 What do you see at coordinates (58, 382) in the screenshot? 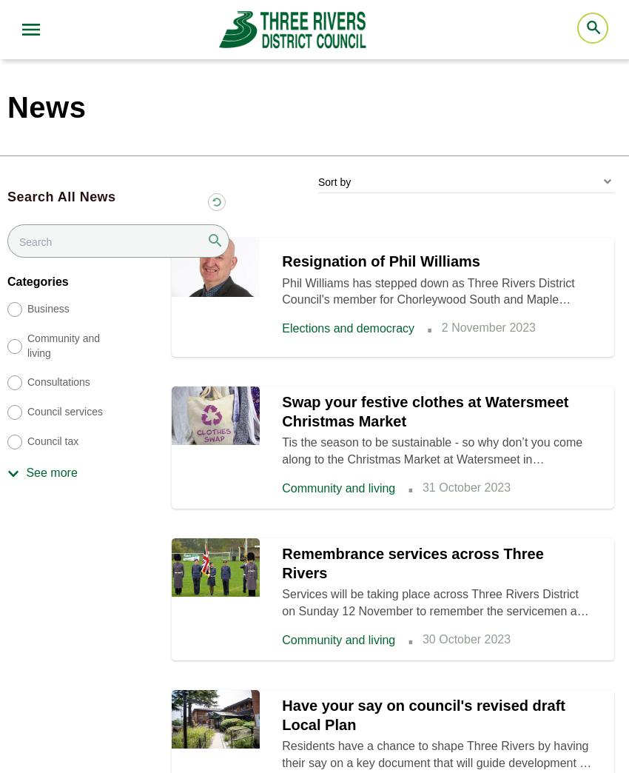
I see `'Consultations'` at bounding box center [58, 382].